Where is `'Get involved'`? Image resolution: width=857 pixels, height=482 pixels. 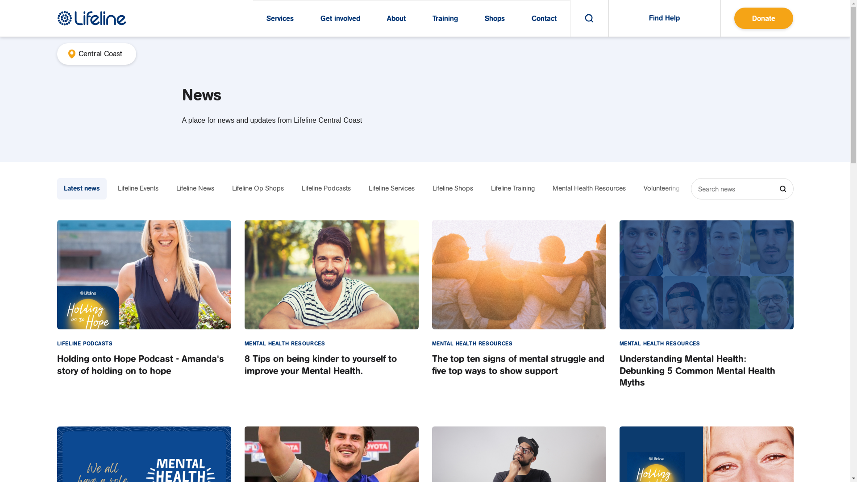 'Get involved' is located at coordinates (340, 18).